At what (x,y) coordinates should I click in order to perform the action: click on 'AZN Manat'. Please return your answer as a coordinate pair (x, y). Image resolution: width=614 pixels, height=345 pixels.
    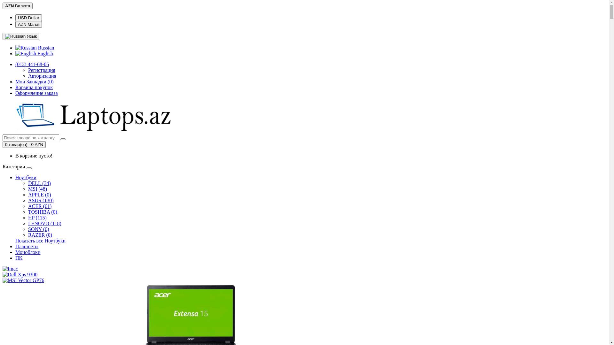
    Looking at the image, I should click on (15, 24).